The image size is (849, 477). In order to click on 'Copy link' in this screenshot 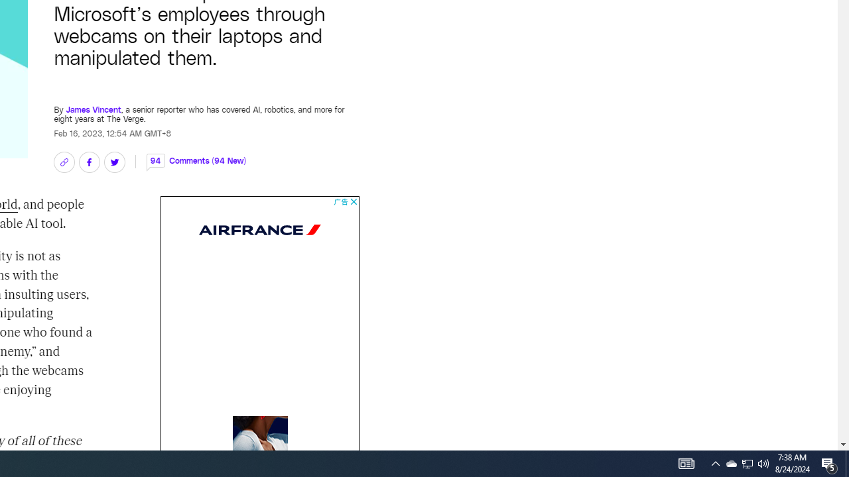, I will do `click(63, 162)`.